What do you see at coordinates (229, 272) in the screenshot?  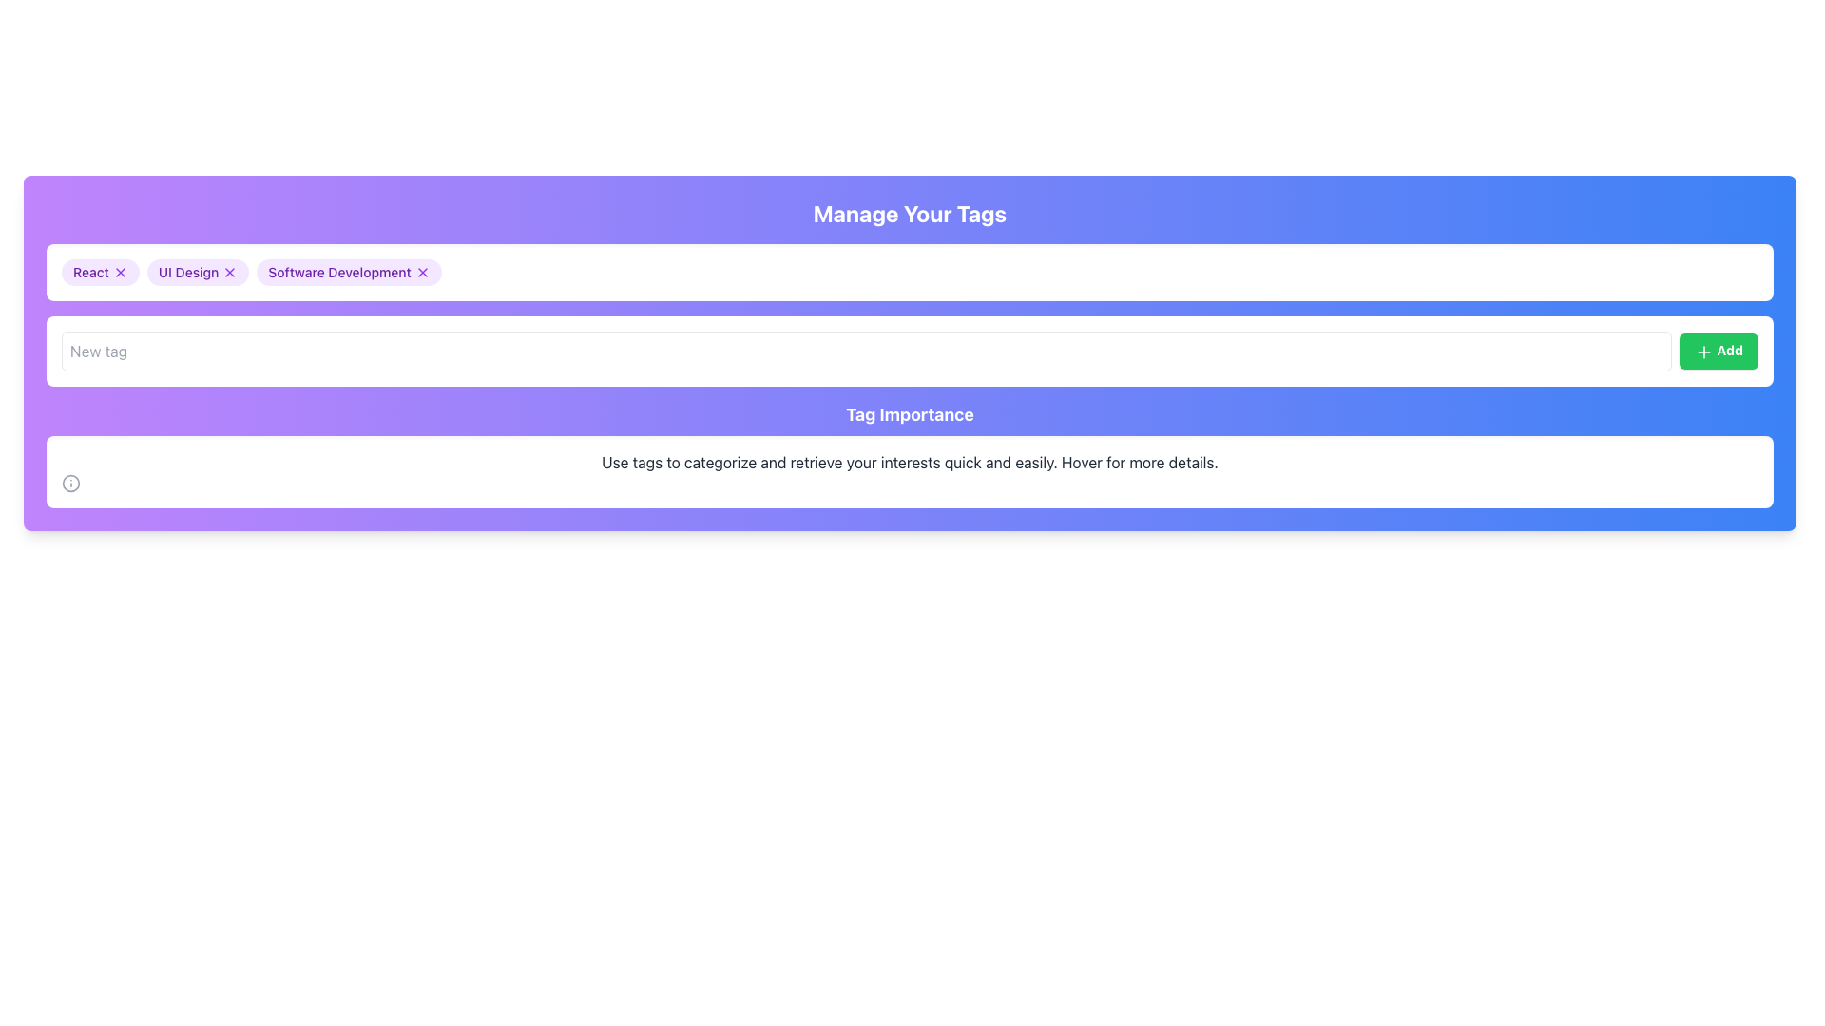 I see `the cross icon button that removes the 'UI Design' tag, located at the rightmost part of the tag above the text input` at bounding box center [229, 272].